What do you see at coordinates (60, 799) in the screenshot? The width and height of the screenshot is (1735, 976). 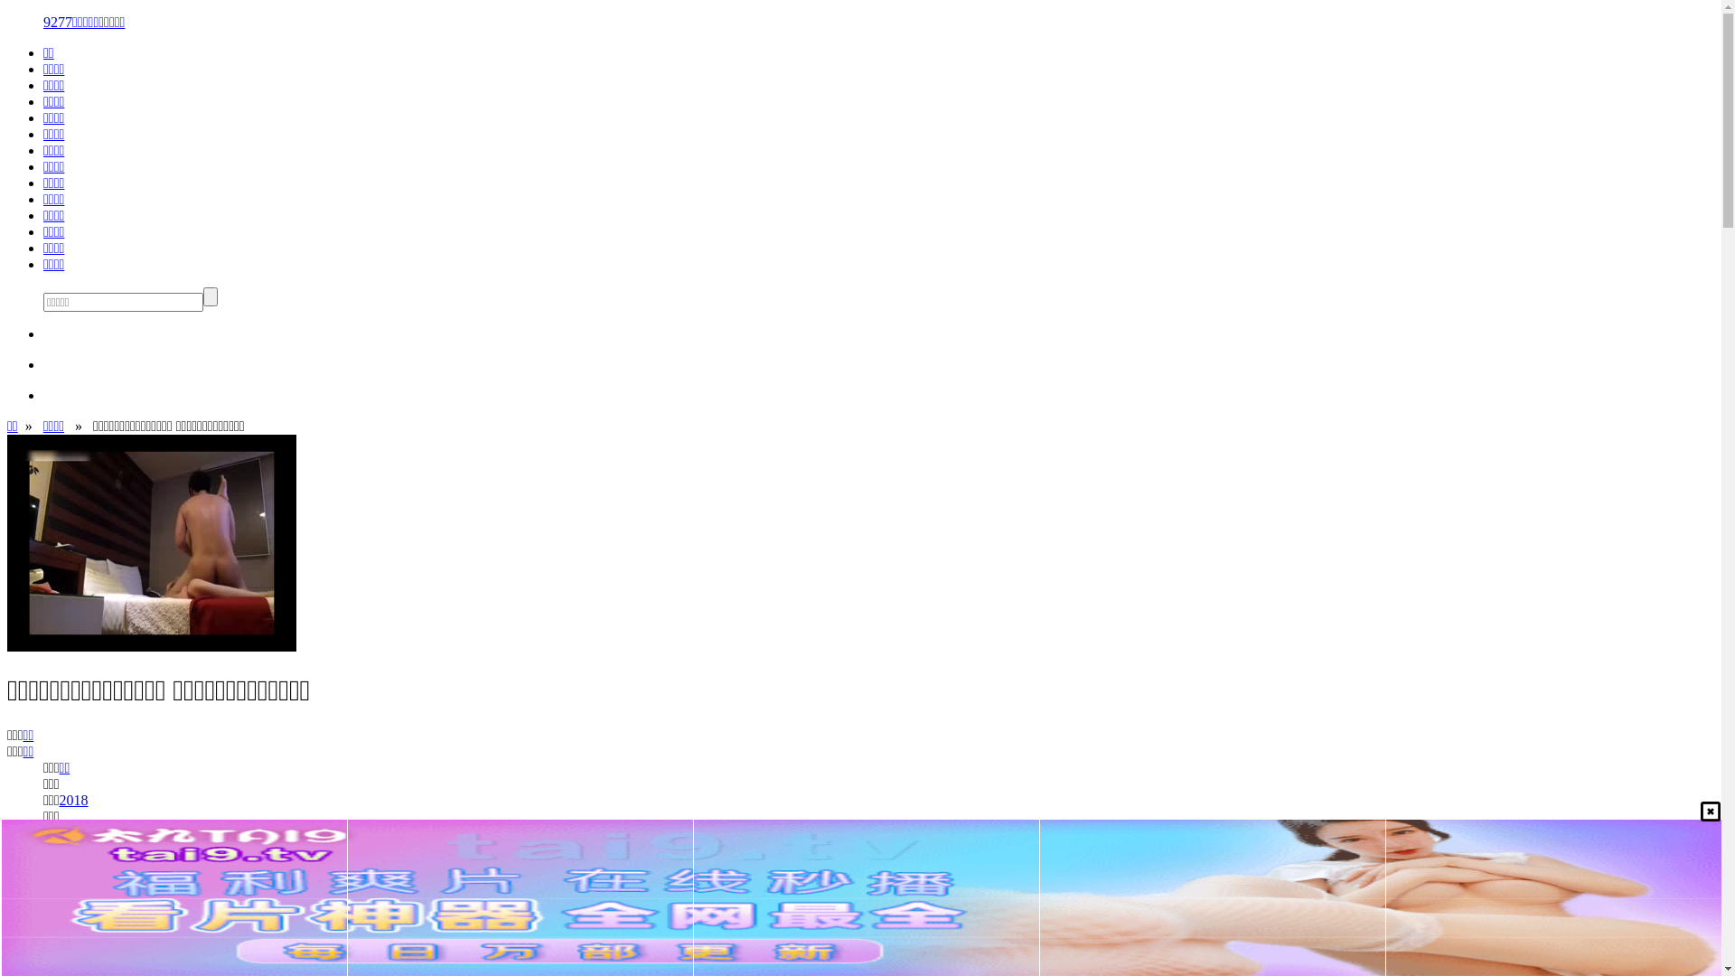 I see `'2018'` at bounding box center [60, 799].